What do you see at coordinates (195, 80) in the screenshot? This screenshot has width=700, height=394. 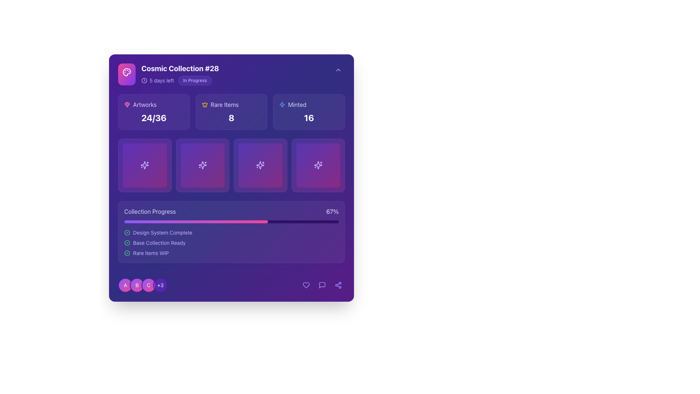 I see `the pill-shaped label with the text 'In Progress', which is violet and located near the header section, to the right of '5 days left'` at bounding box center [195, 80].